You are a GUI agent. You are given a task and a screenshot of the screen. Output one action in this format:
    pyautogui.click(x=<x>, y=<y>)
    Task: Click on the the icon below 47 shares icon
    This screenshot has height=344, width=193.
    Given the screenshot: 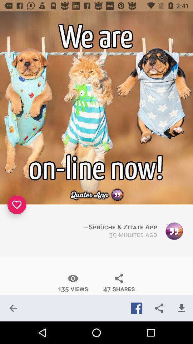 What is the action you would take?
    pyautogui.click(x=137, y=308)
    